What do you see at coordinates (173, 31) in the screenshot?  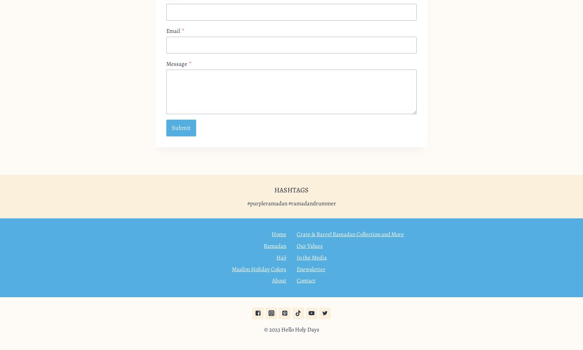 I see `'Email'` at bounding box center [173, 31].